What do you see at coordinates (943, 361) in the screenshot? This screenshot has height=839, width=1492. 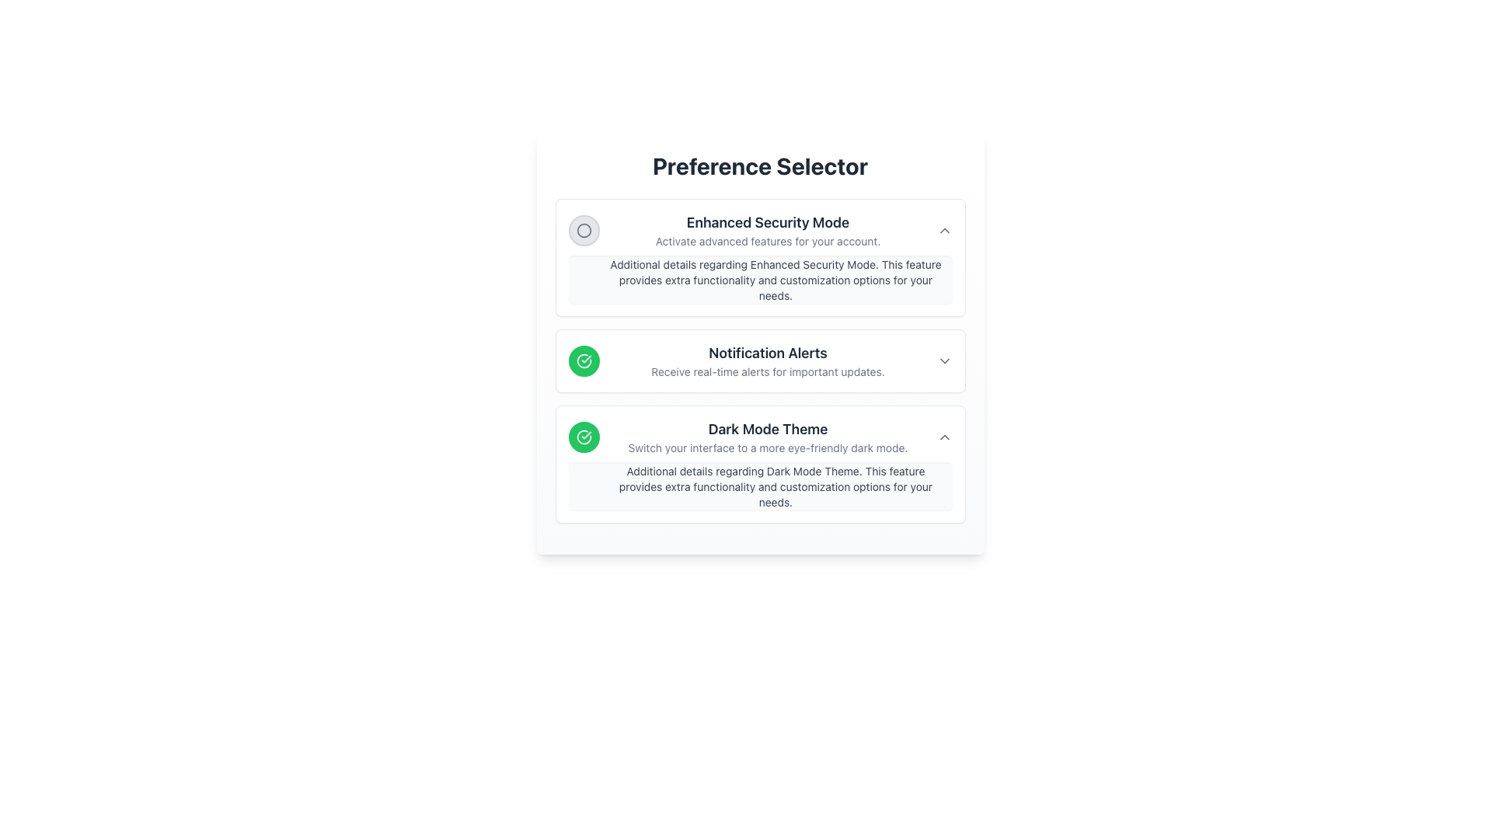 I see `the small downward-facing chevron icon at the end of the 'Notification Alerts' section header` at bounding box center [943, 361].